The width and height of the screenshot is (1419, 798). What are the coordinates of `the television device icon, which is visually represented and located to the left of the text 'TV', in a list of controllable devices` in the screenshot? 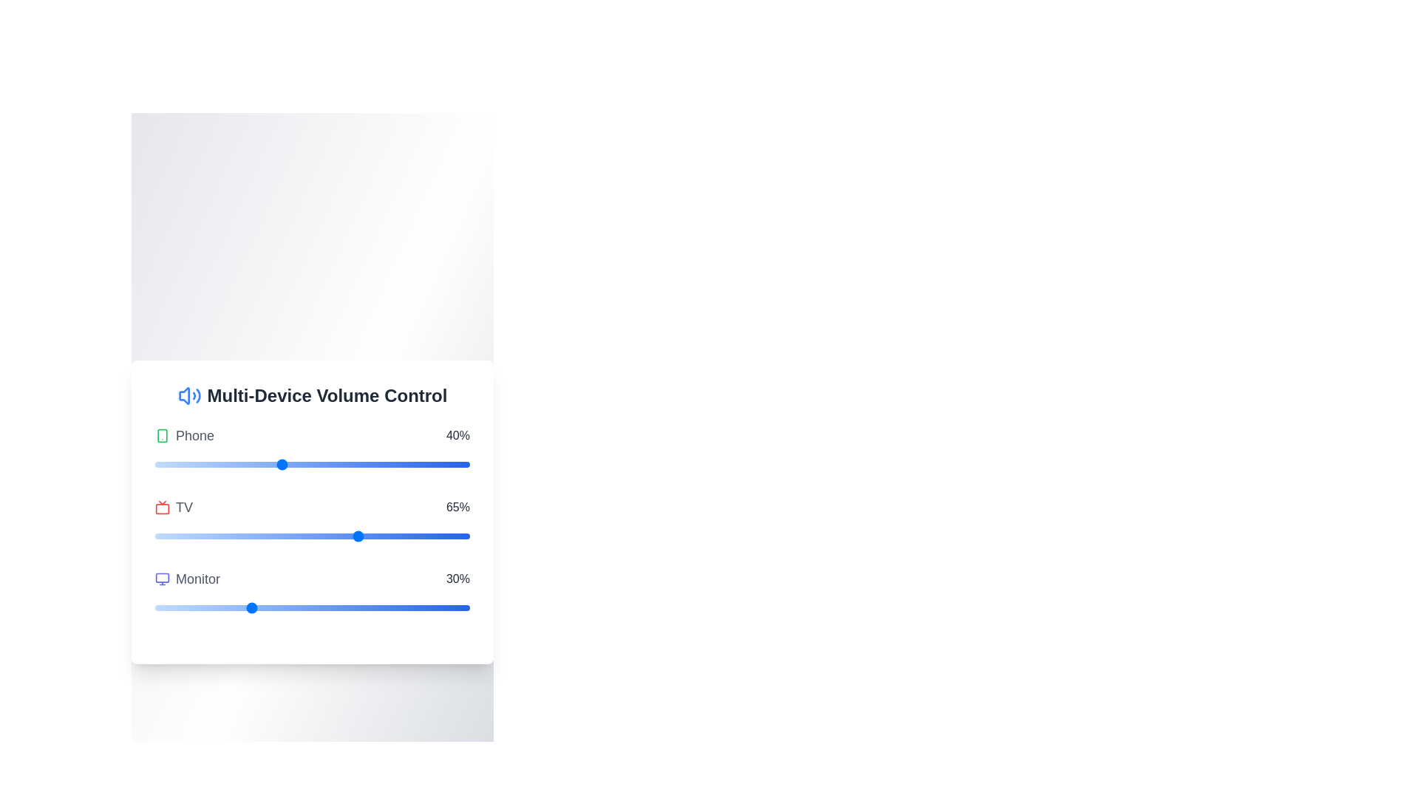 It's located at (163, 506).